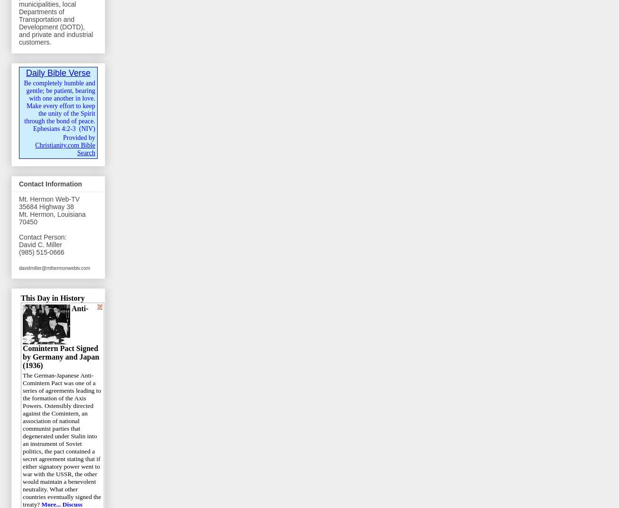 This screenshot has height=508, width=619. What do you see at coordinates (50, 184) in the screenshot?
I see `'Contact Information'` at bounding box center [50, 184].